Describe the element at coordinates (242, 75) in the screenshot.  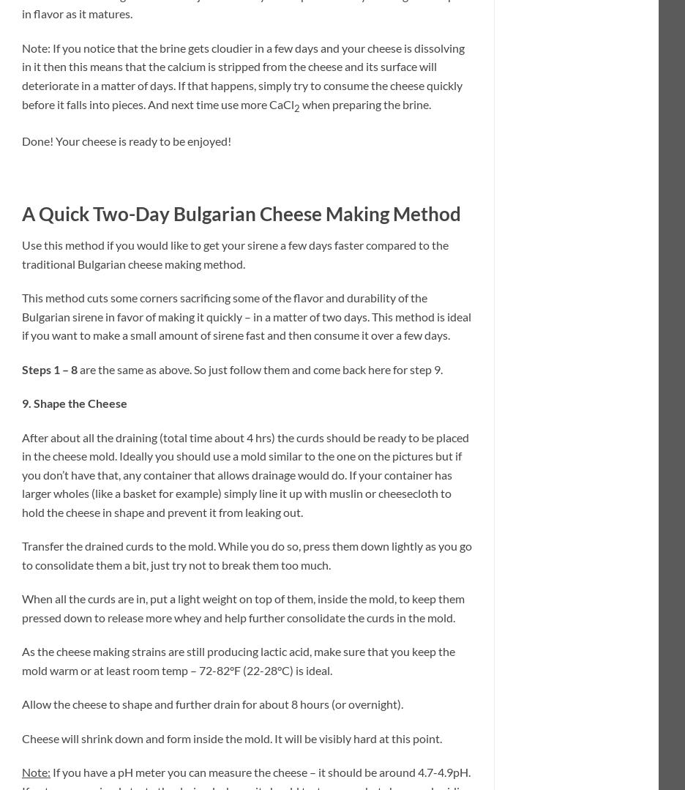
I see `'Note: If you notice that the brine gets cloudier in a few days and your cheese is dissolving in it then this means that the calcium is stripped from the cheese and its surface will deteriorate in a matter of days. If that happens, simply try to consume the cheese quickly before it falls into pieces. And next time use more CaCl'` at that location.